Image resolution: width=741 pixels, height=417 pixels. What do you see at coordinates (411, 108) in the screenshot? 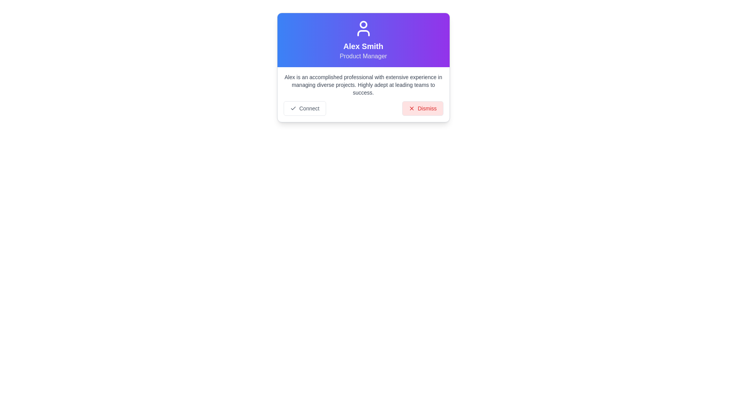
I see `the icon located within the 'Dismiss' button of the profile card` at bounding box center [411, 108].